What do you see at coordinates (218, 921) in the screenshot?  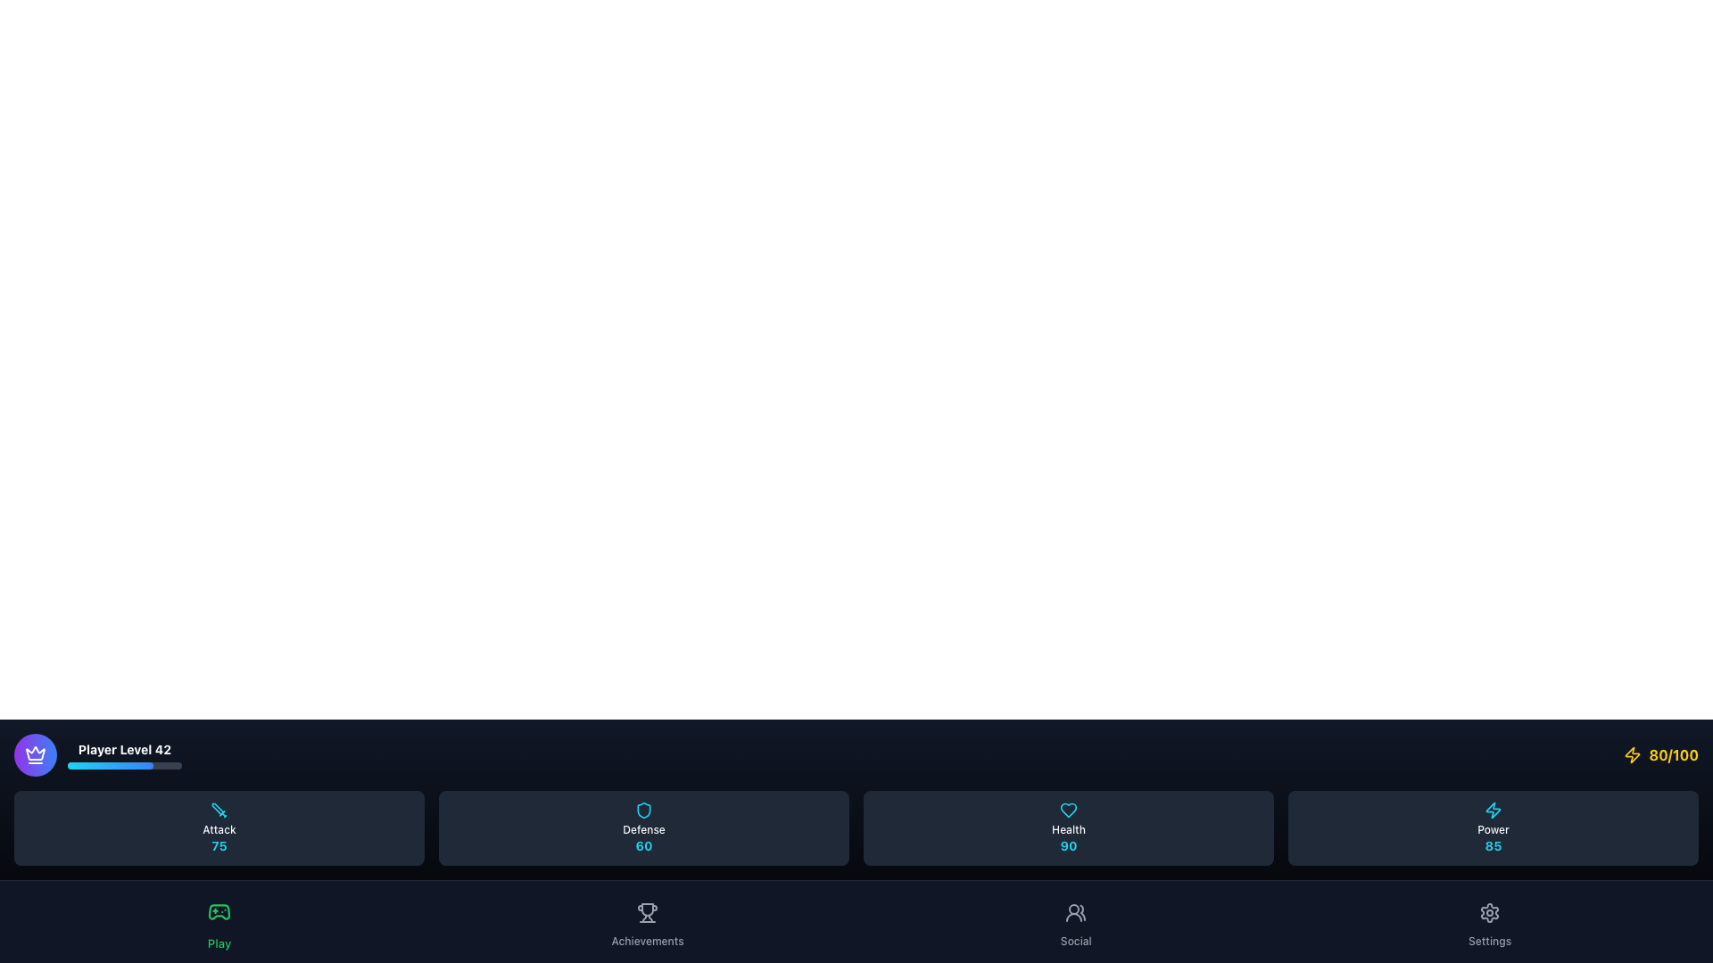 I see `the green 'Play' button with a game controller icon located at the bottom left section of the navigation bar` at bounding box center [218, 921].